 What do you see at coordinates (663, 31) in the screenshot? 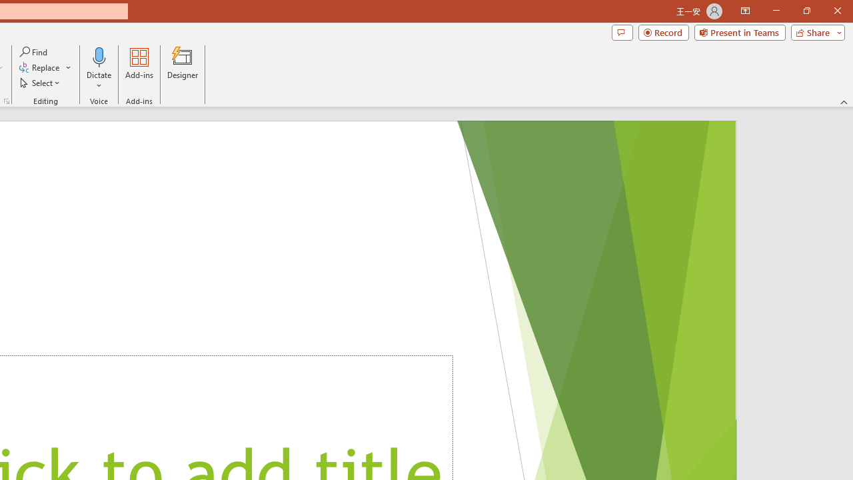
I see `'Record'` at bounding box center [663, 31].